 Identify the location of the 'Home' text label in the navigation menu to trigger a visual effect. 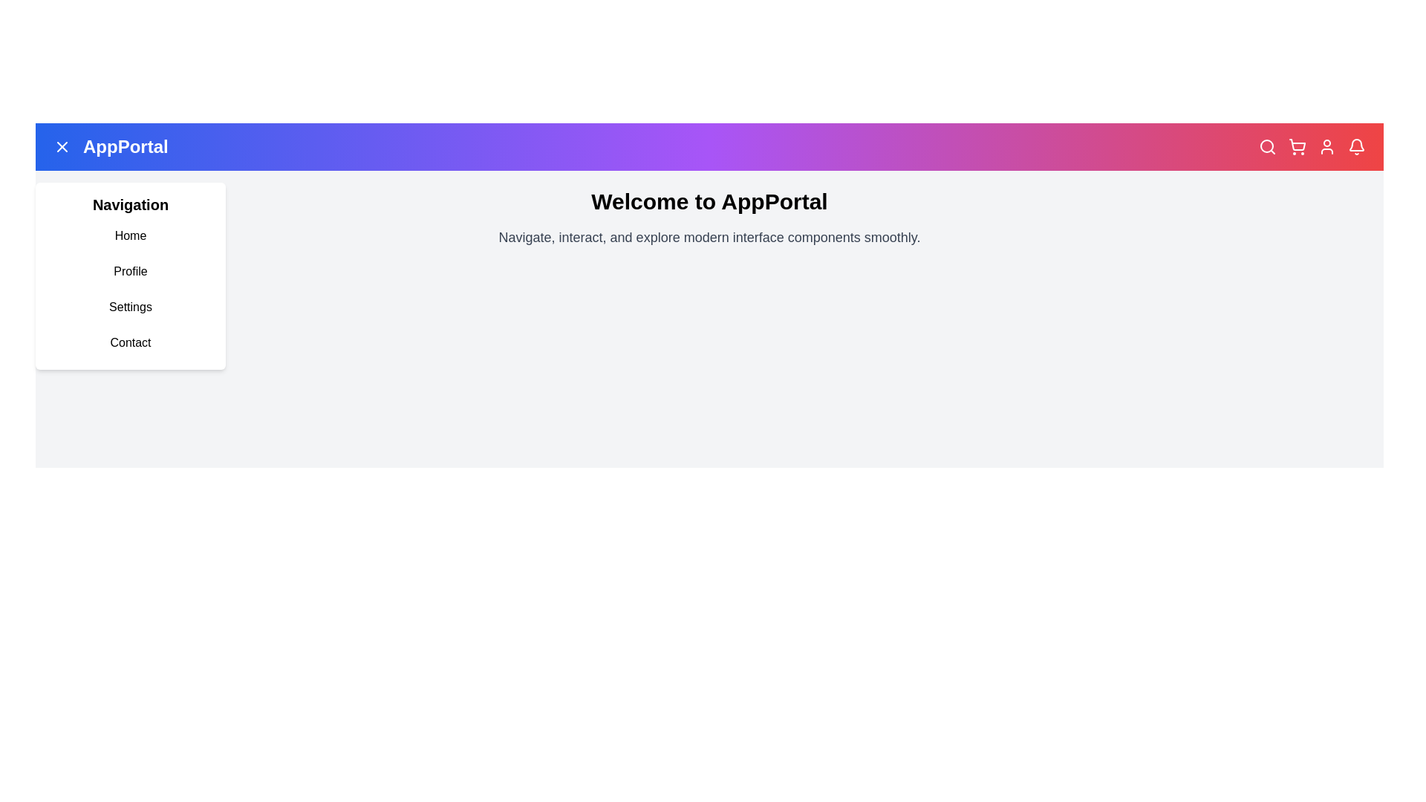
(131, 235).